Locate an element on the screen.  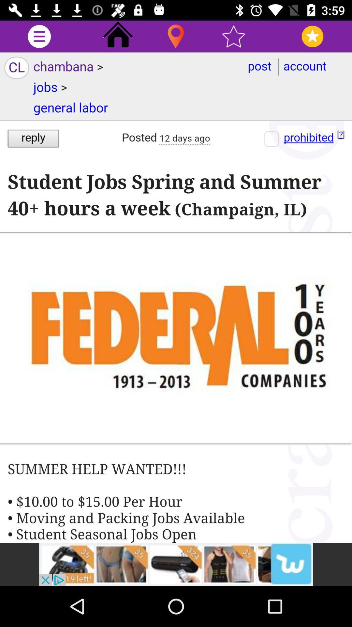
fovread is located at coordinates (312, 36).